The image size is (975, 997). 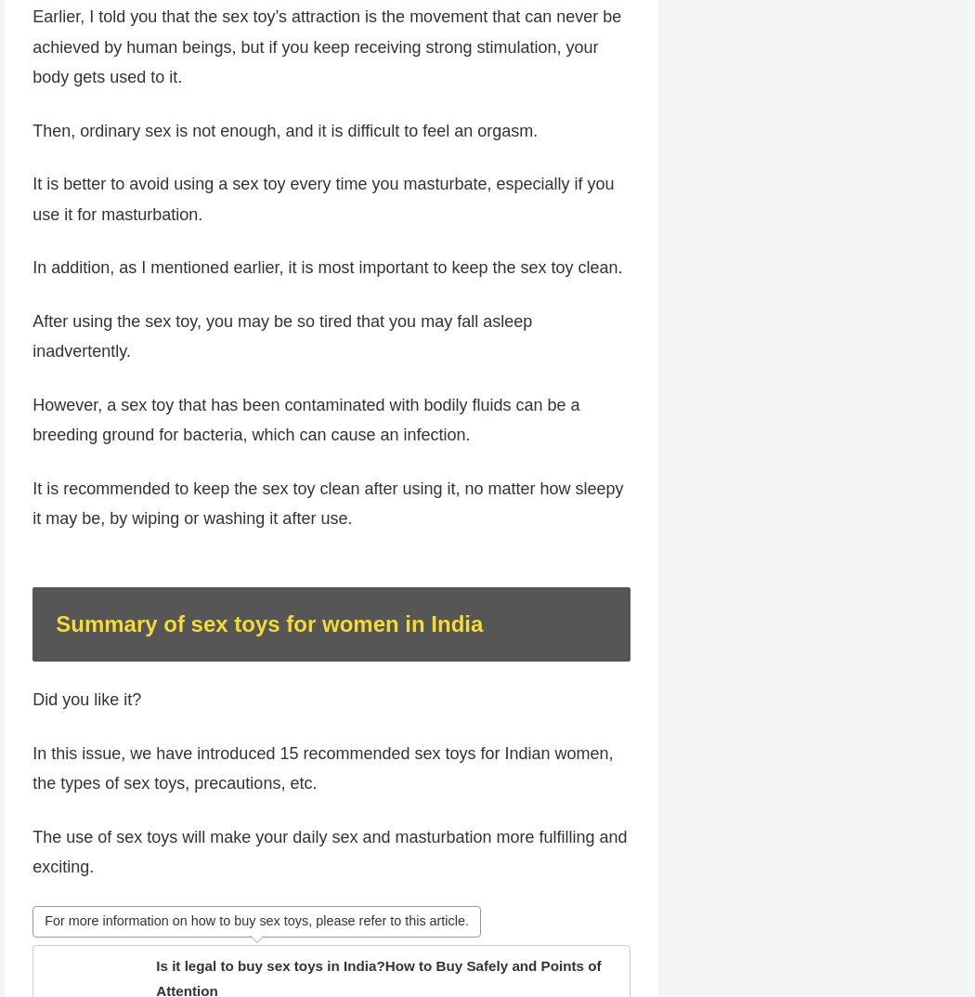 What do you see at coordinates (32, 164) in the screenshot?
I see `'Then, ordinary sex is not enough, and it is difficult to feel an orgasm.'` at bounding box center [32, 164].